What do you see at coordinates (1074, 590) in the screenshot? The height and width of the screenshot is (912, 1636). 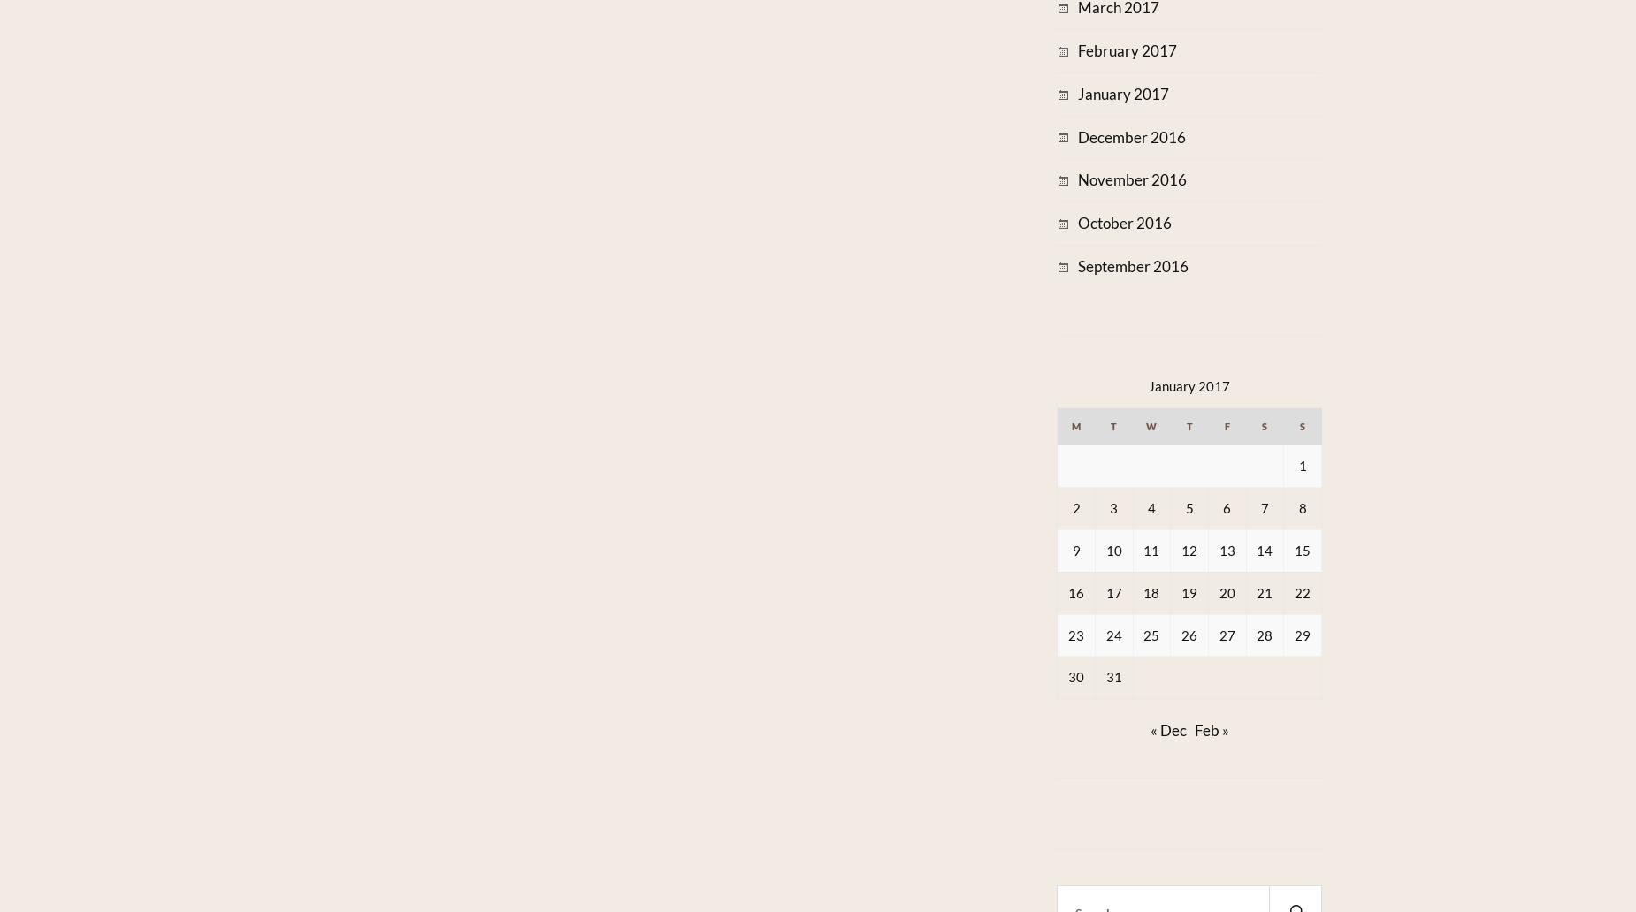 I see `'16'` at bounding box center [1074, 590].